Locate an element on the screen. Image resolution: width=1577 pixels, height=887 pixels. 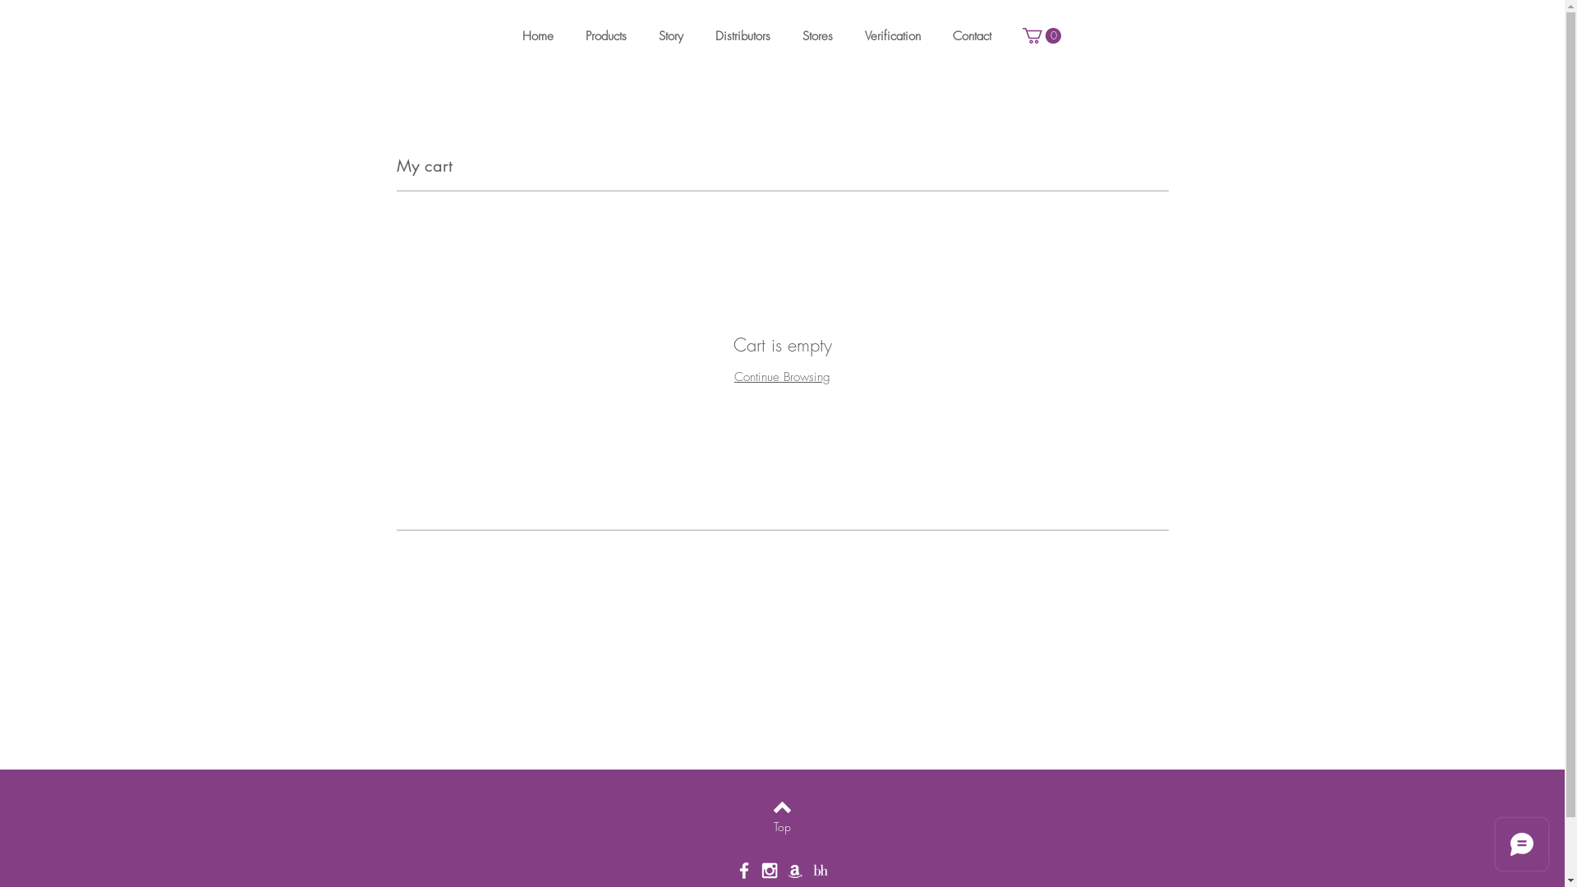
'Stores' is located at coordinates (820, 36).